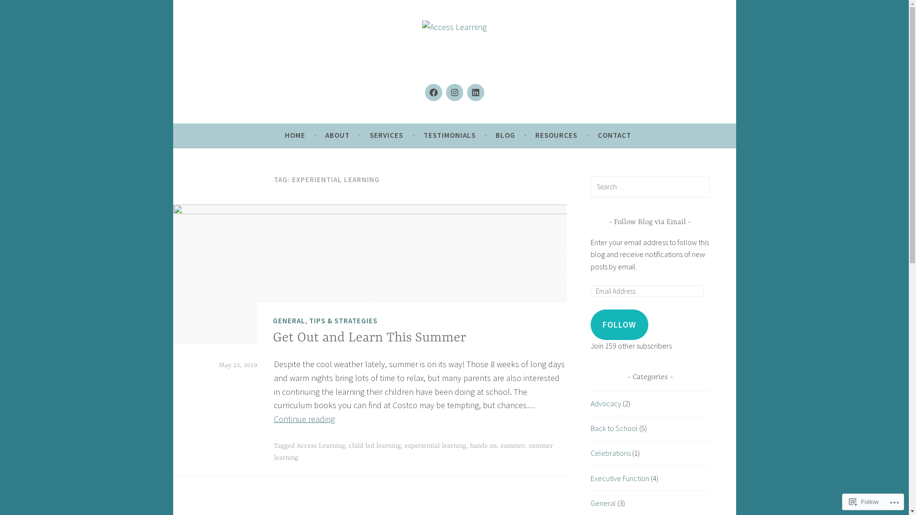  Describe the element at coordinates (556, 135) in the screenshot. I see `'RESOURCES'` at that location.